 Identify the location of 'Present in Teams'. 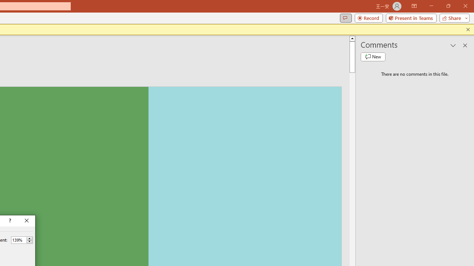
(411, 17).